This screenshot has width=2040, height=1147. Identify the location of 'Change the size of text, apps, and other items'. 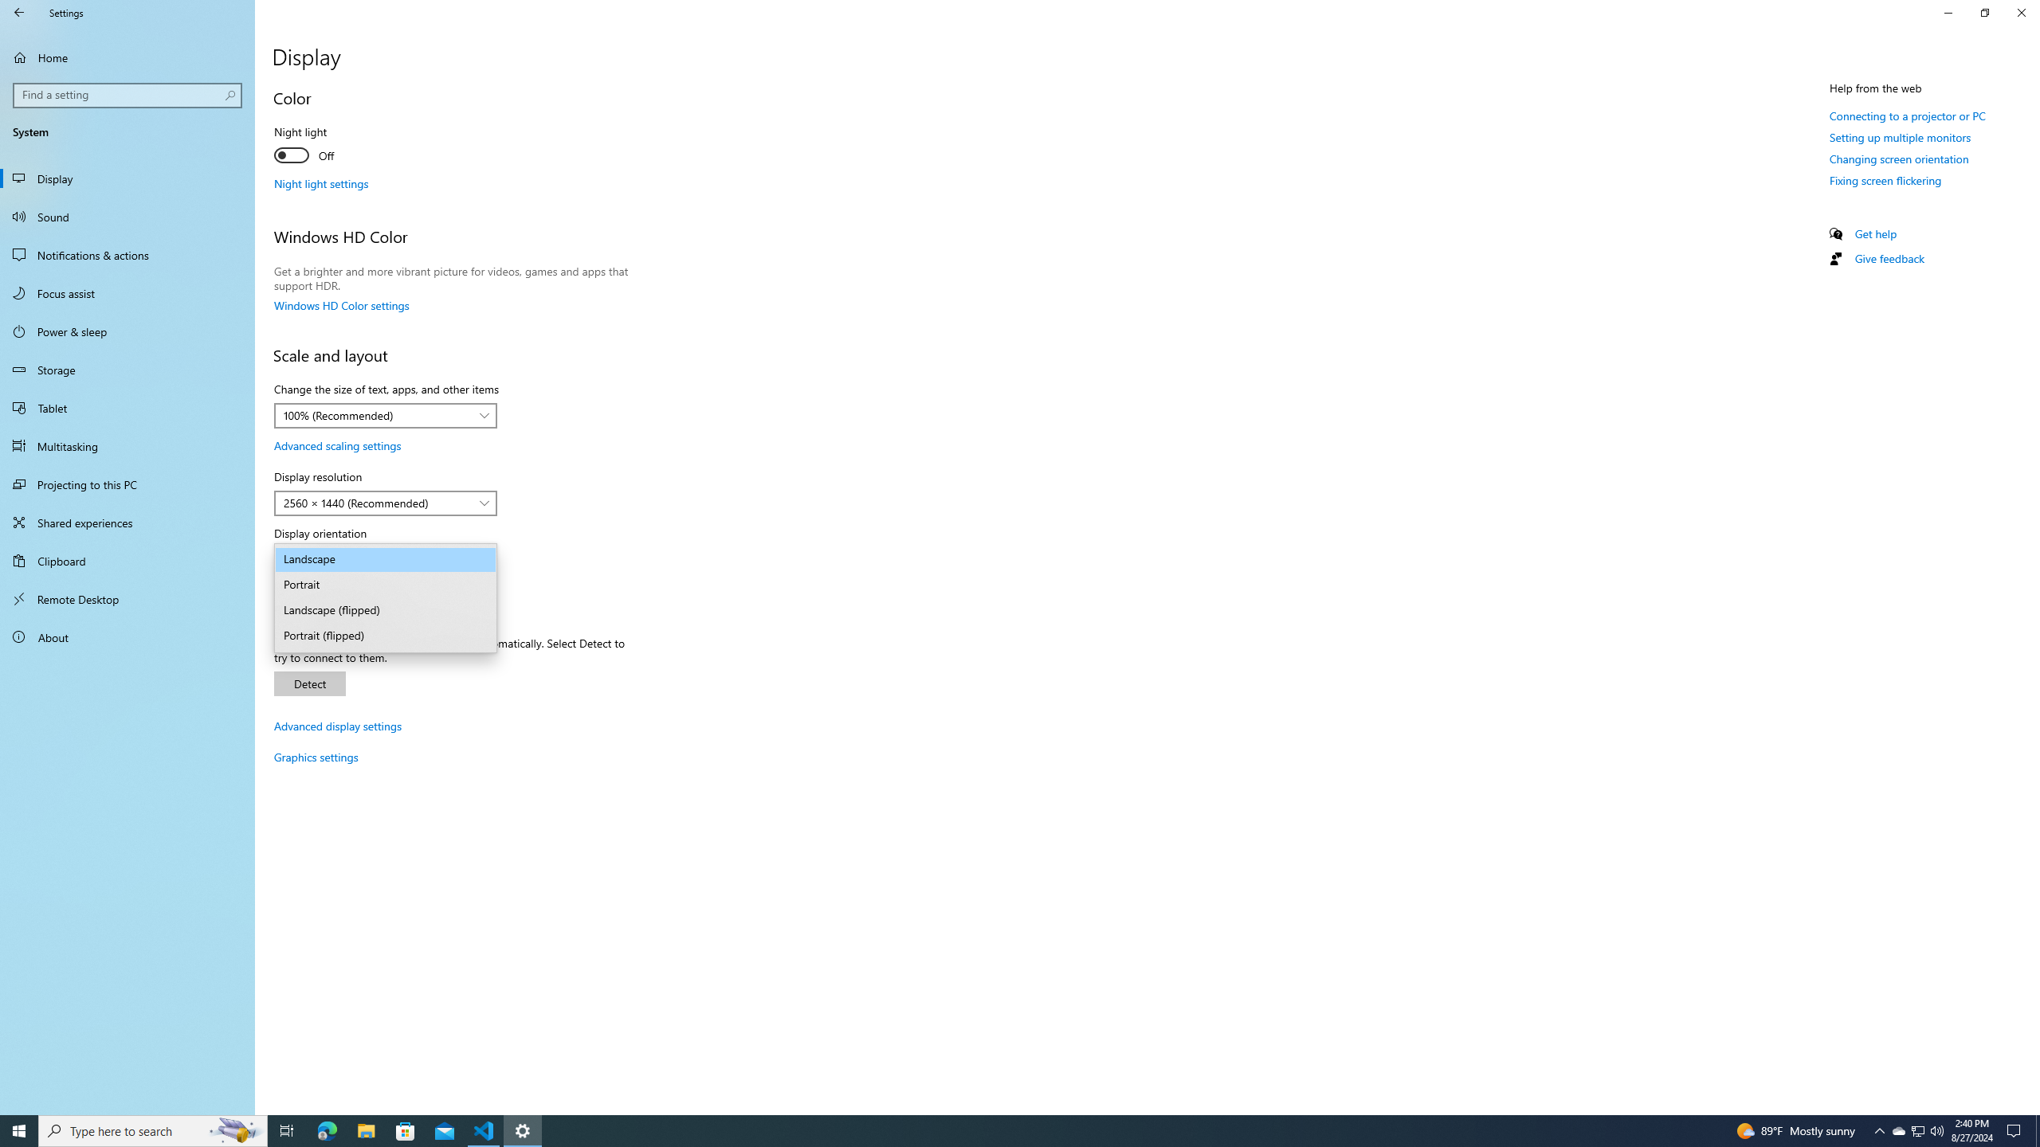
(384, 415).